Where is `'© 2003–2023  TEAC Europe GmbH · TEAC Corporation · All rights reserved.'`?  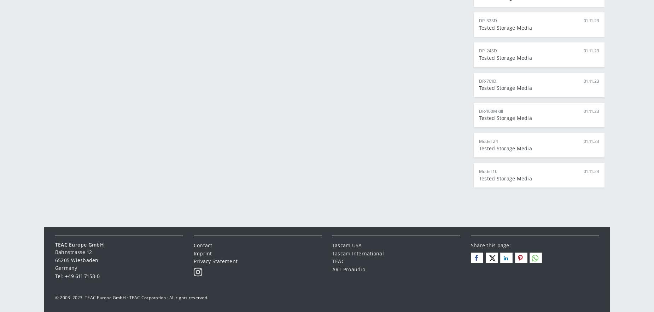
'© 2003–2023  TEAC Europe GmbH · TEAC Corporation · All rights reserved.' is located at coordinates (54, 297).